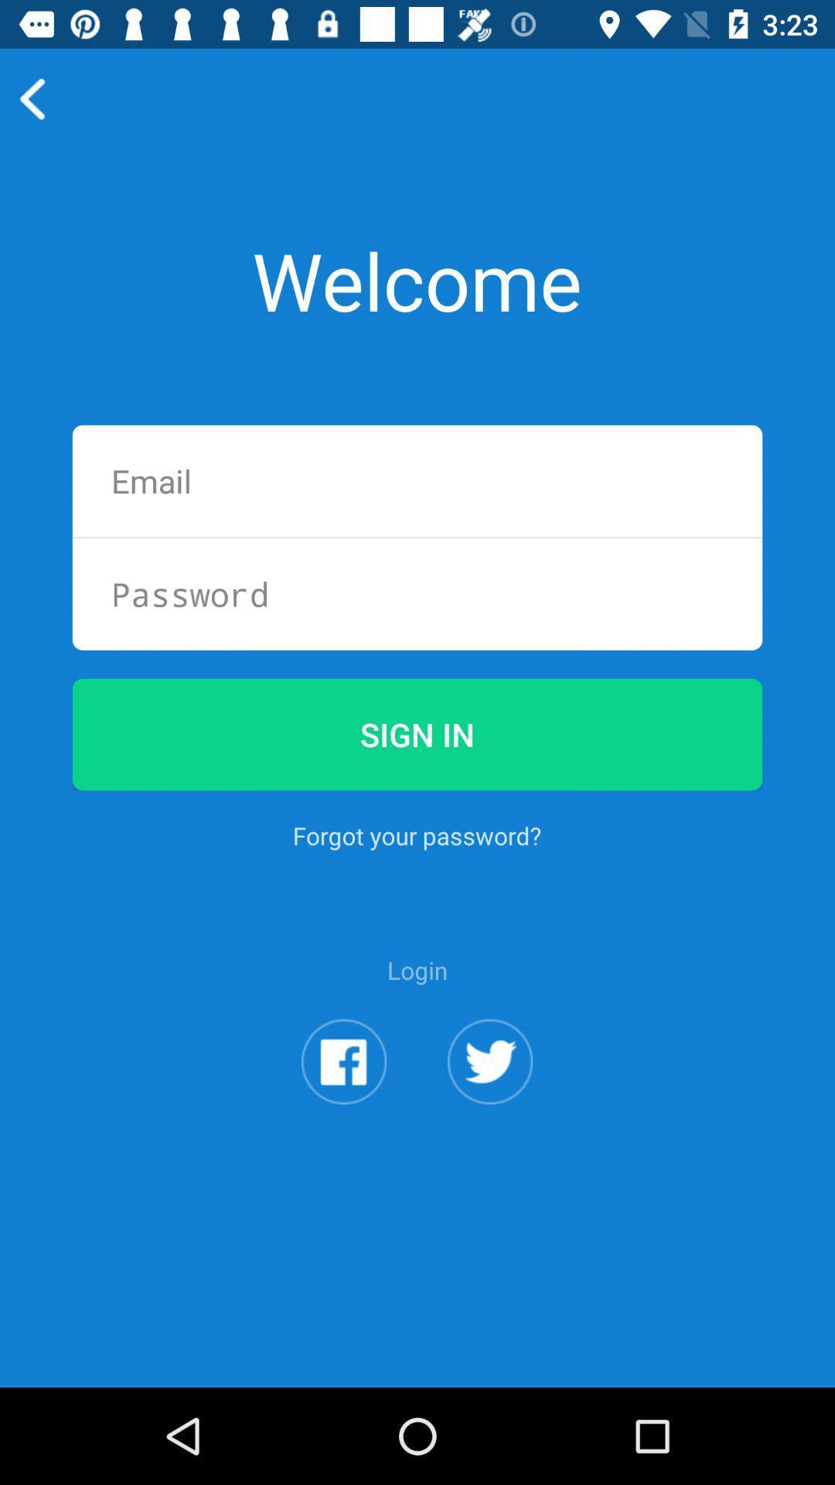  Describe the element at coordinates (416, 835) in the screenshot. I see `forgot your password? icon` at that location.